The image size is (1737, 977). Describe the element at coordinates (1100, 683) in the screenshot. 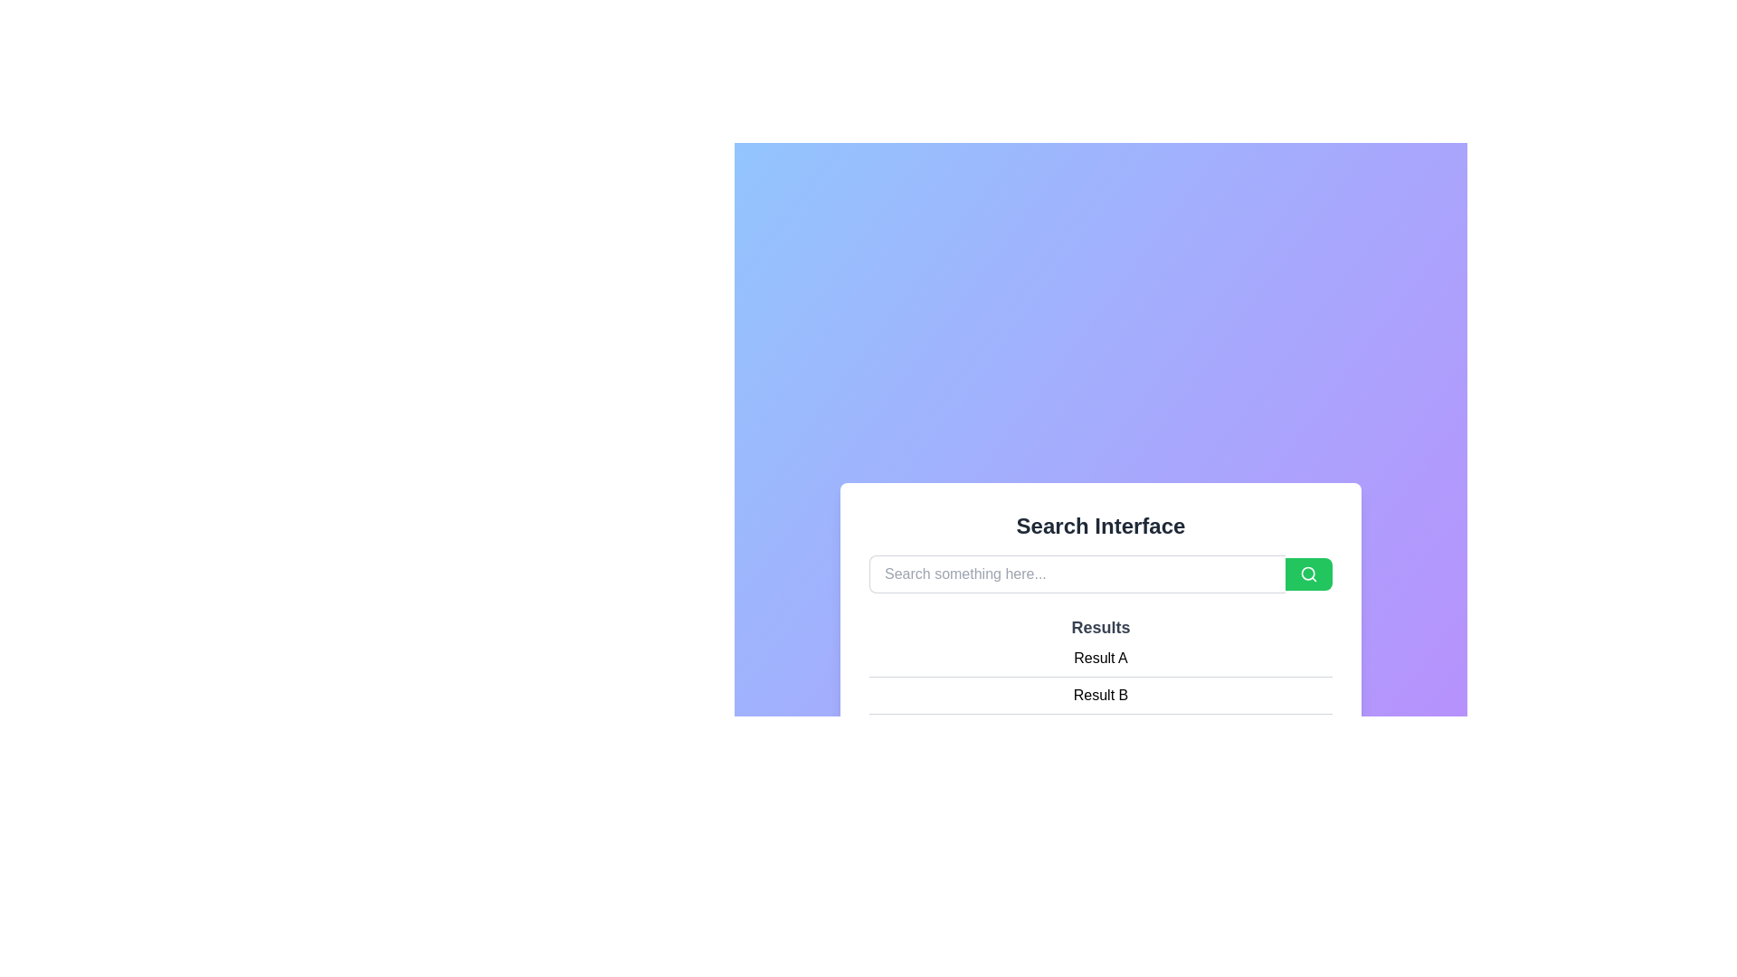

I see `the Results List Section which displays a labeled list of results with the header 'Results' and items such as 'Result A' and 'Result B'` at that location.